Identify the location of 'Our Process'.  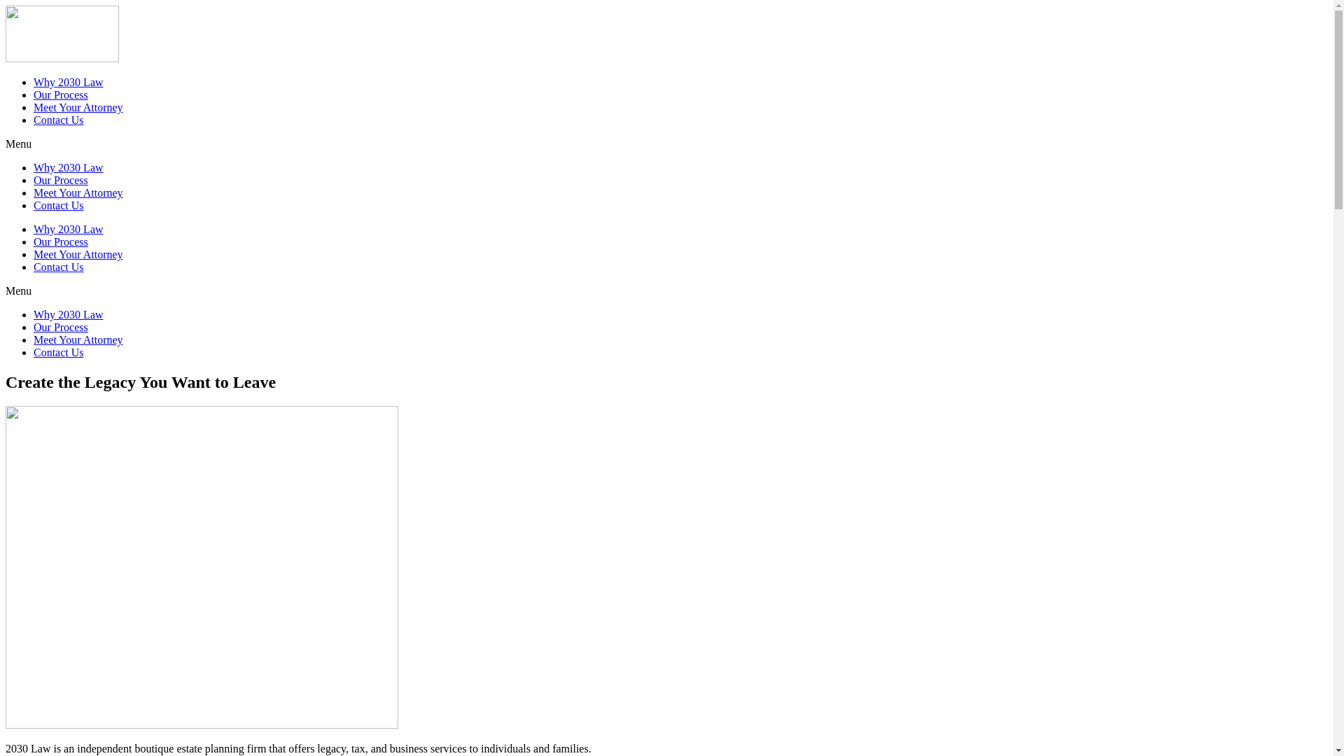
(59, 179).